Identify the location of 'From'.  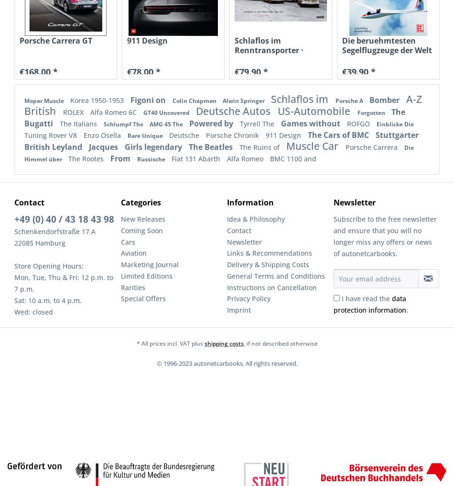
(121, 157).